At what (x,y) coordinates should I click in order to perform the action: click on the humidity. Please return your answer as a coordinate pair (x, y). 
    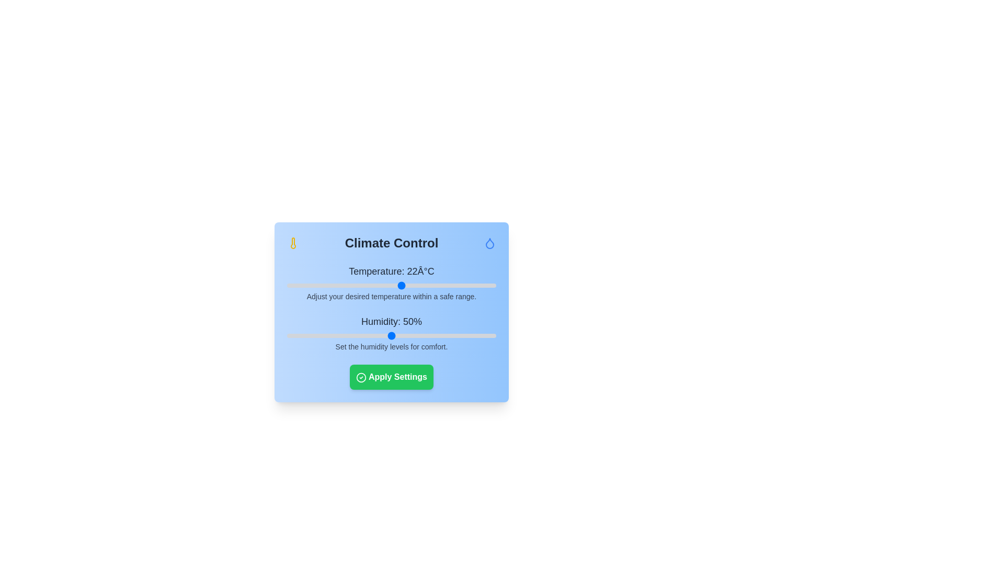
    Looking at the image, I should click on (349, 335).